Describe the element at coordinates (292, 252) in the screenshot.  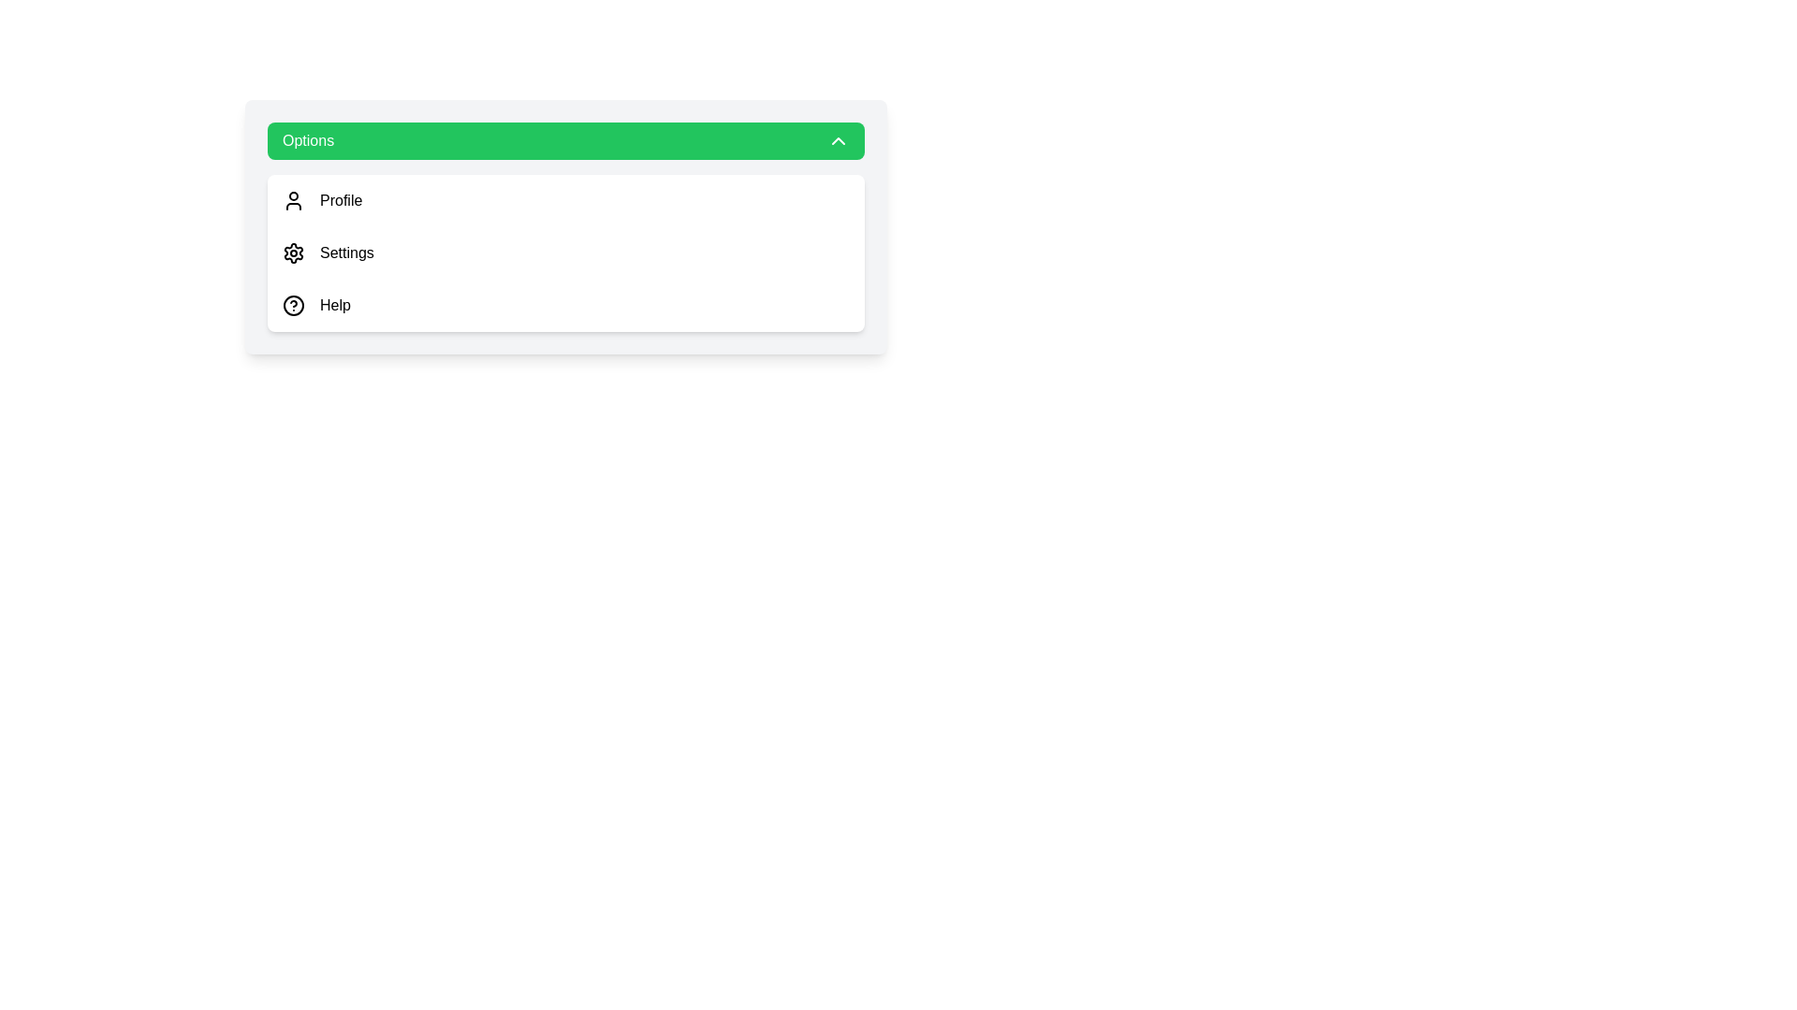
I see `the gear-shaped settings icon that is adjacent to the text 'Settings' in the 'Options' list` at that location.